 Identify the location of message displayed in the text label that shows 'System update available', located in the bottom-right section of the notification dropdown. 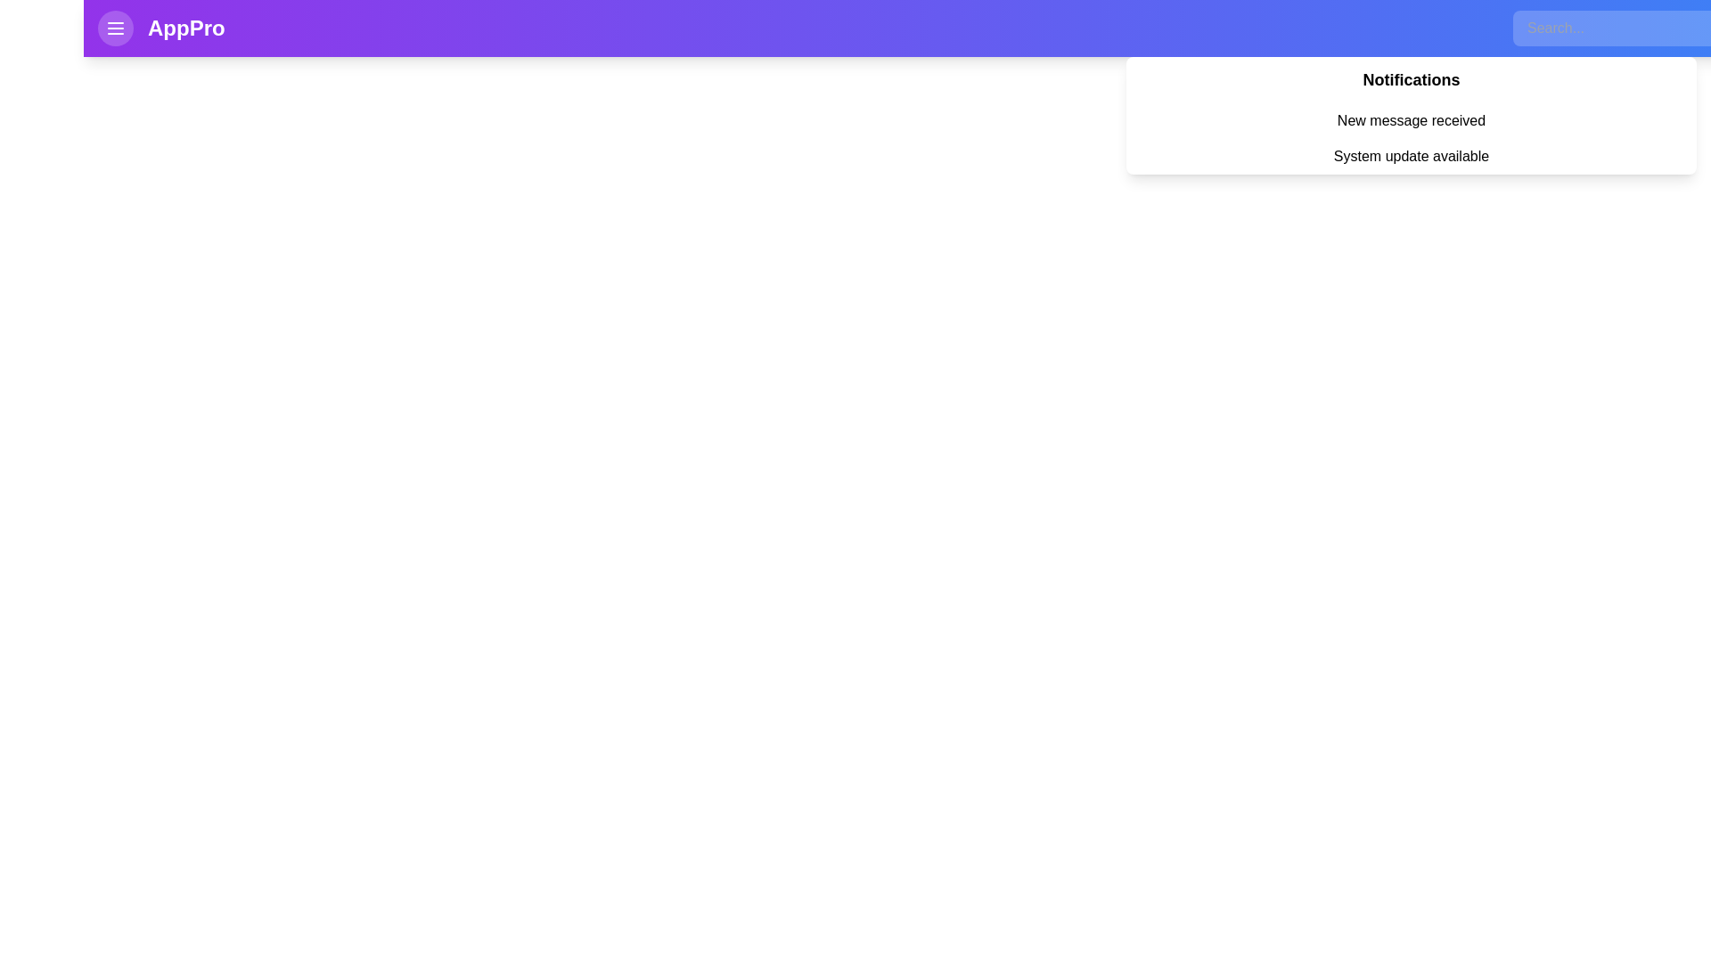
(1411, 156).